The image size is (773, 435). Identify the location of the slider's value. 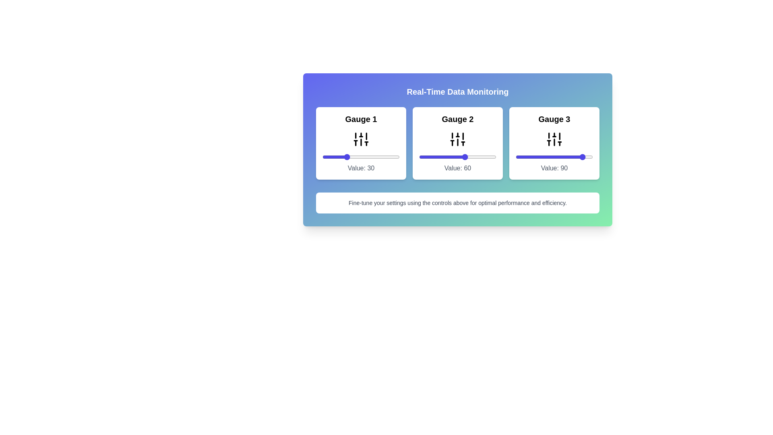
(561, 157).